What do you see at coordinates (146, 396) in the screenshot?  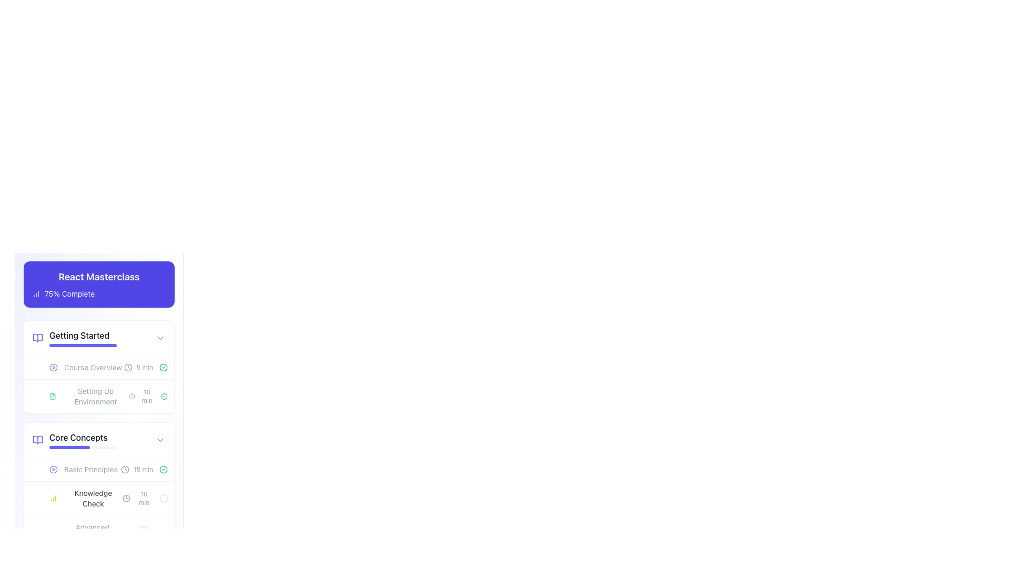 I see `the static text label indicating the duration of the associated task in minutes, located in the 'Setting Up Environment' section of the 'Getting Started' module of the 'React Masterclass' content` at bounding box center [146, 396].